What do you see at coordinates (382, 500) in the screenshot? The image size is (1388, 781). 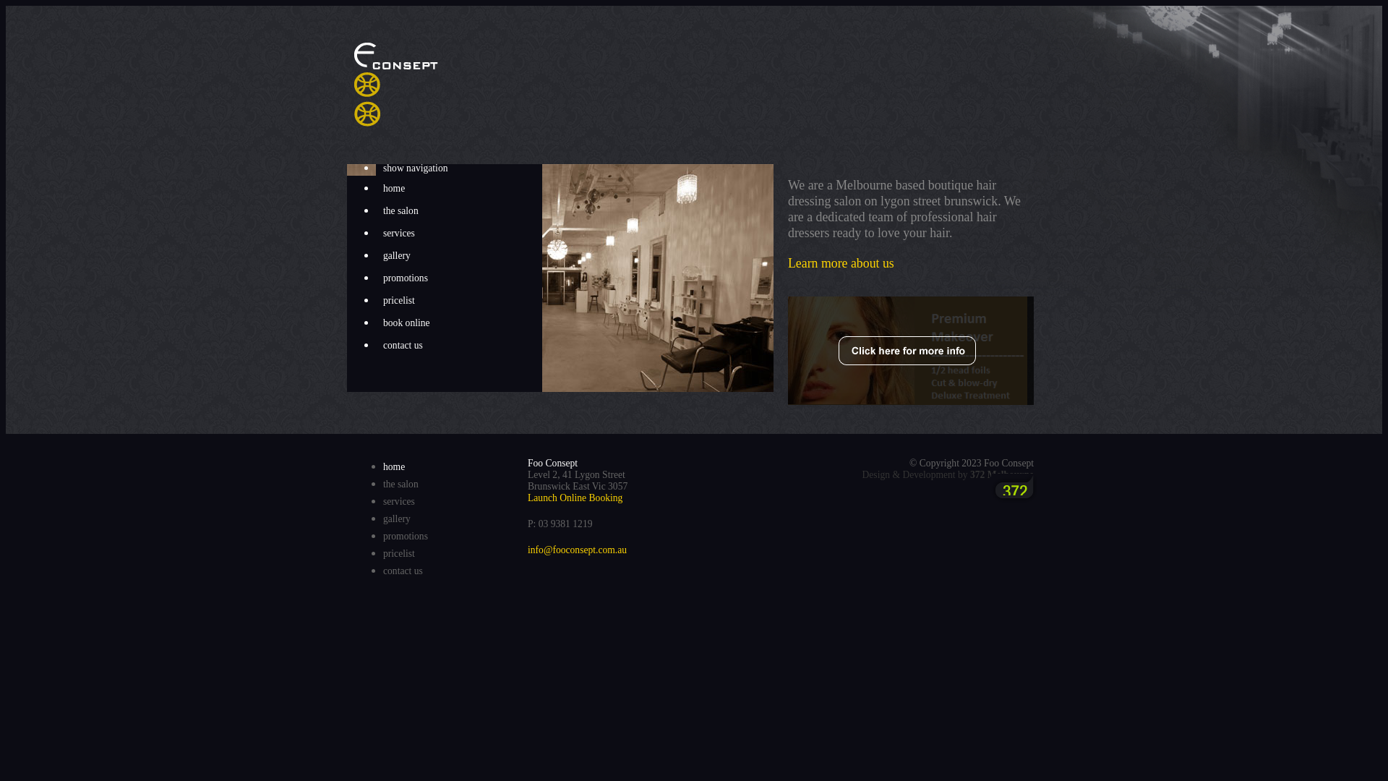 I see `'services'` at bounding box center [382, 500].